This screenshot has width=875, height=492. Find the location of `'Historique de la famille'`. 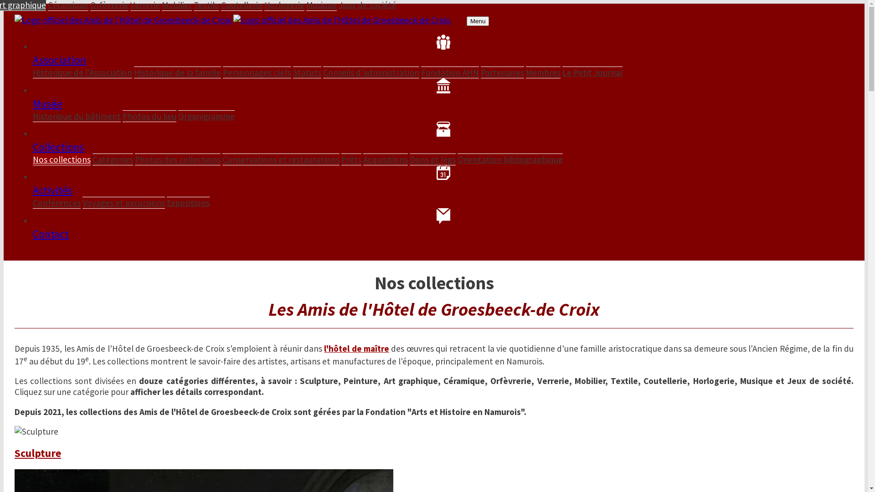

'Historique de la famille' is located at coordinates (133, 72).